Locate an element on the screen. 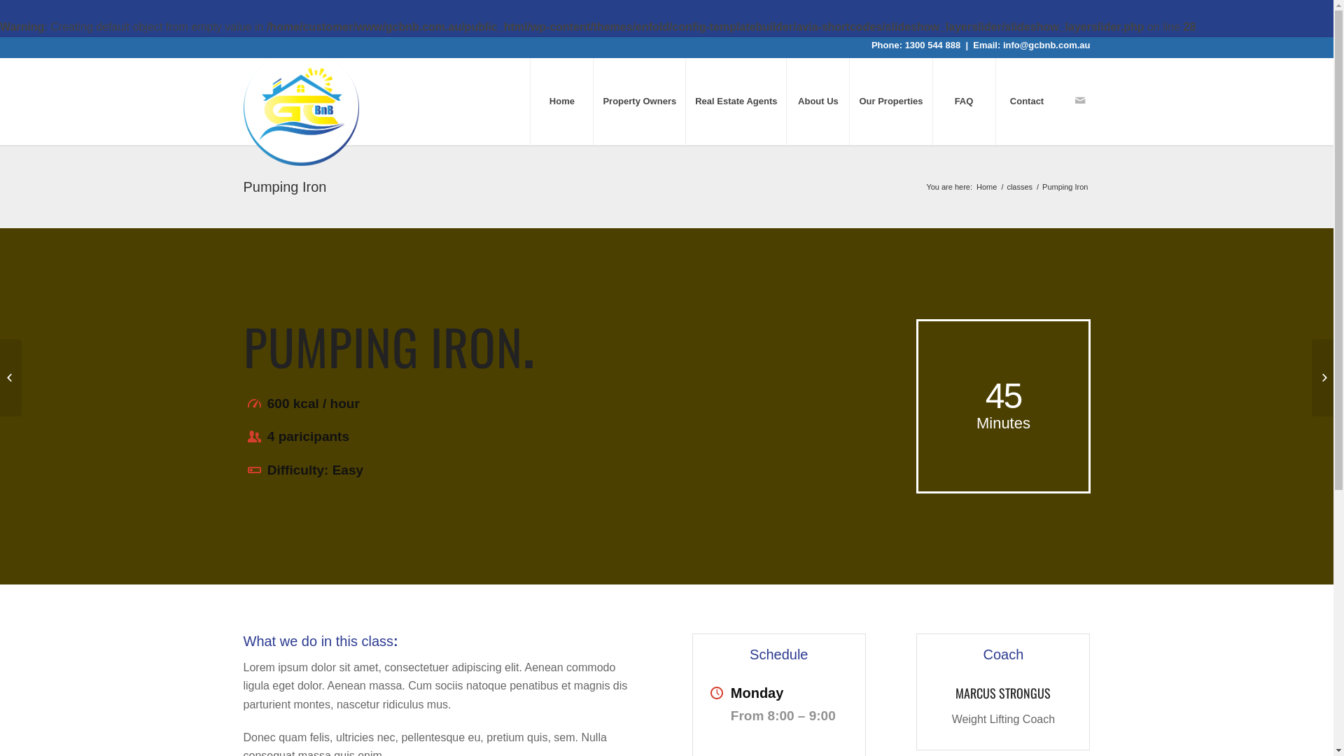 This screenshot has width=1344, height=756. 'Our Properties' is located at coordinates (890, 100).